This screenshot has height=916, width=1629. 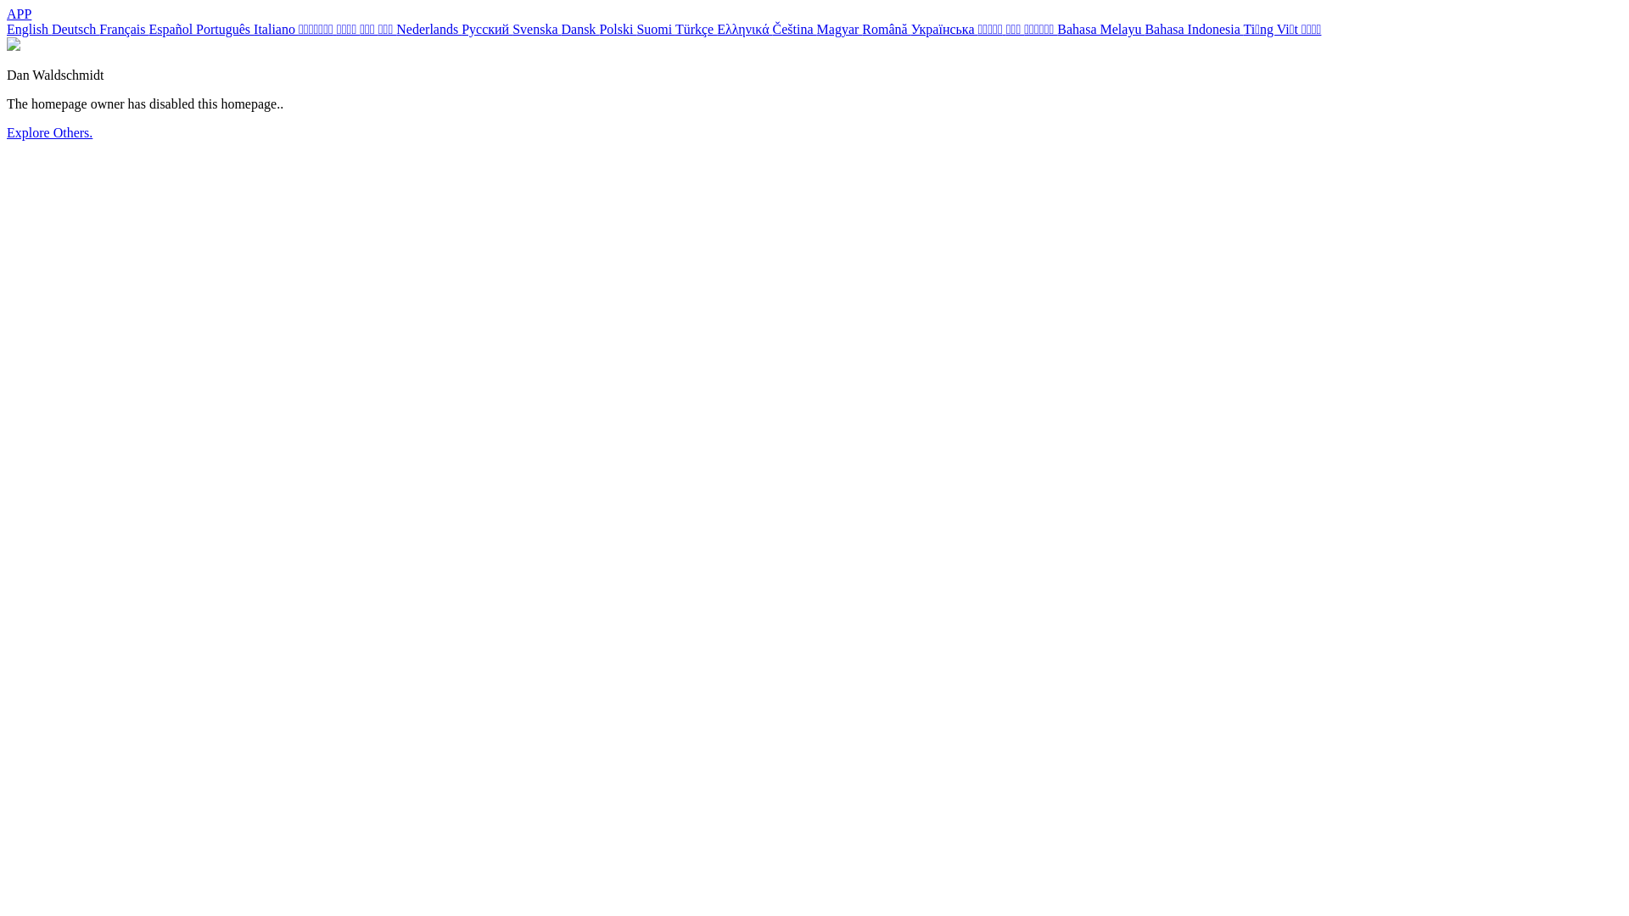 I want to click on 'APP', so click(x=7, y=14).